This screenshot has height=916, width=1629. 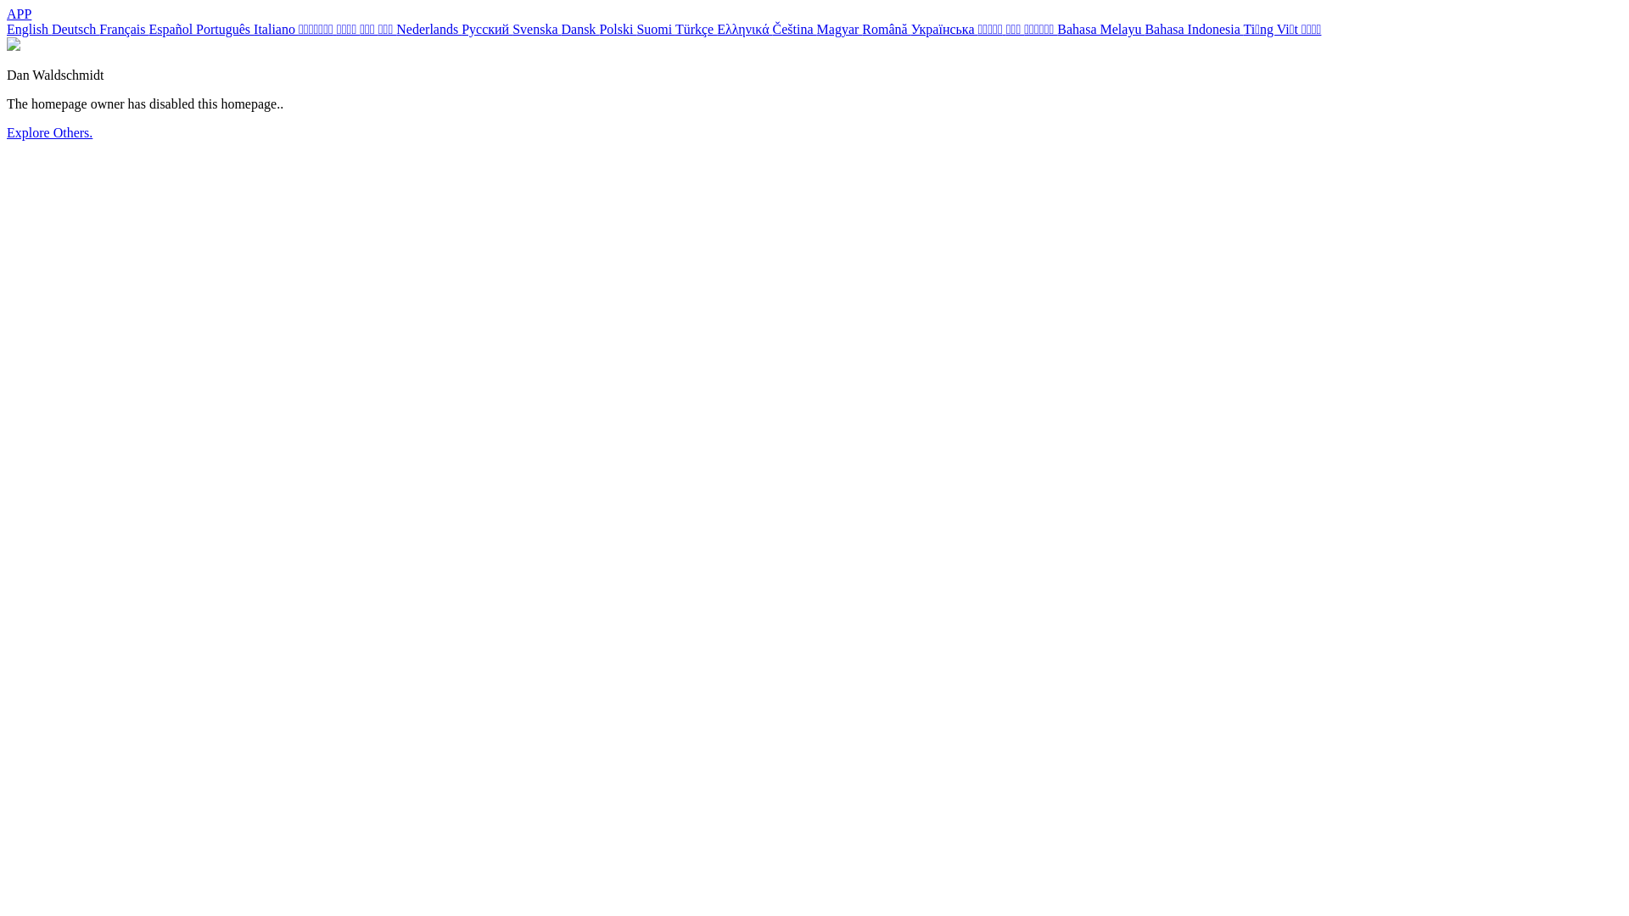 I want to click on 'APP', so click(x=7, y=14).